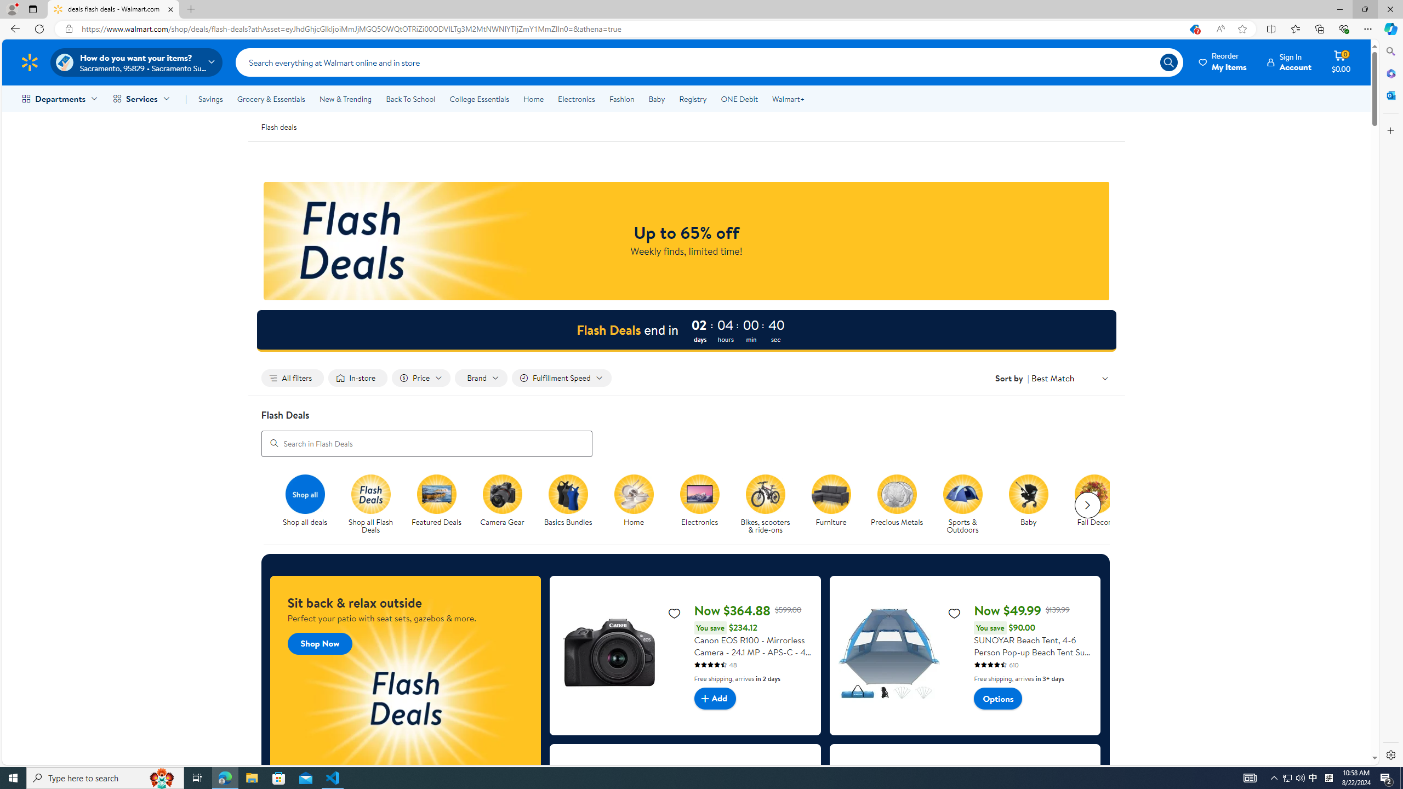 This screenshot has width=1403, height=789. I want to click on 'Shop all Shop all deals', so click(304, 501).